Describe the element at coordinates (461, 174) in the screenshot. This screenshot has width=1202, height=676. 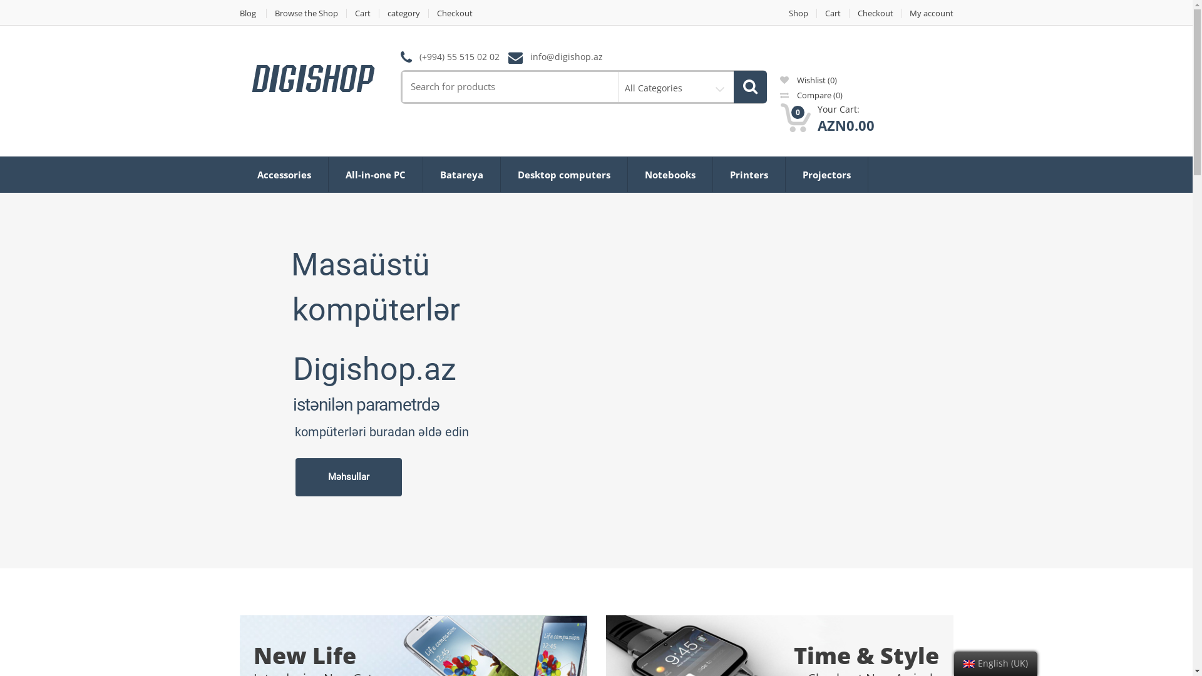
I see `'Batareya'` at that location.